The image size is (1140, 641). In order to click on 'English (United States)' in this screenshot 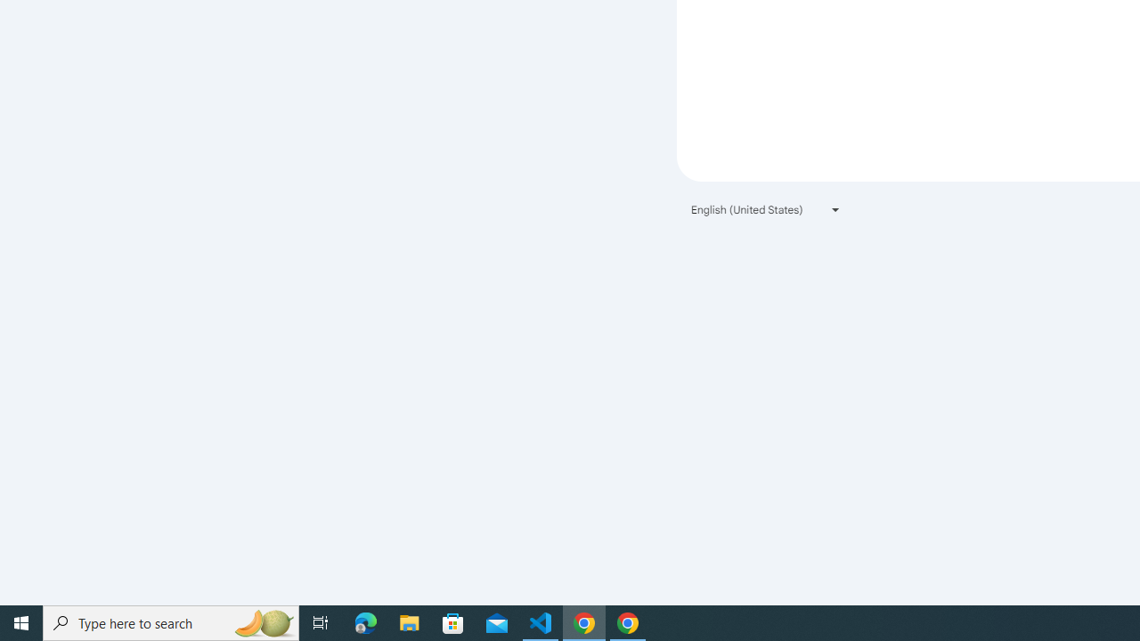, I will do `click(766, 208)`.